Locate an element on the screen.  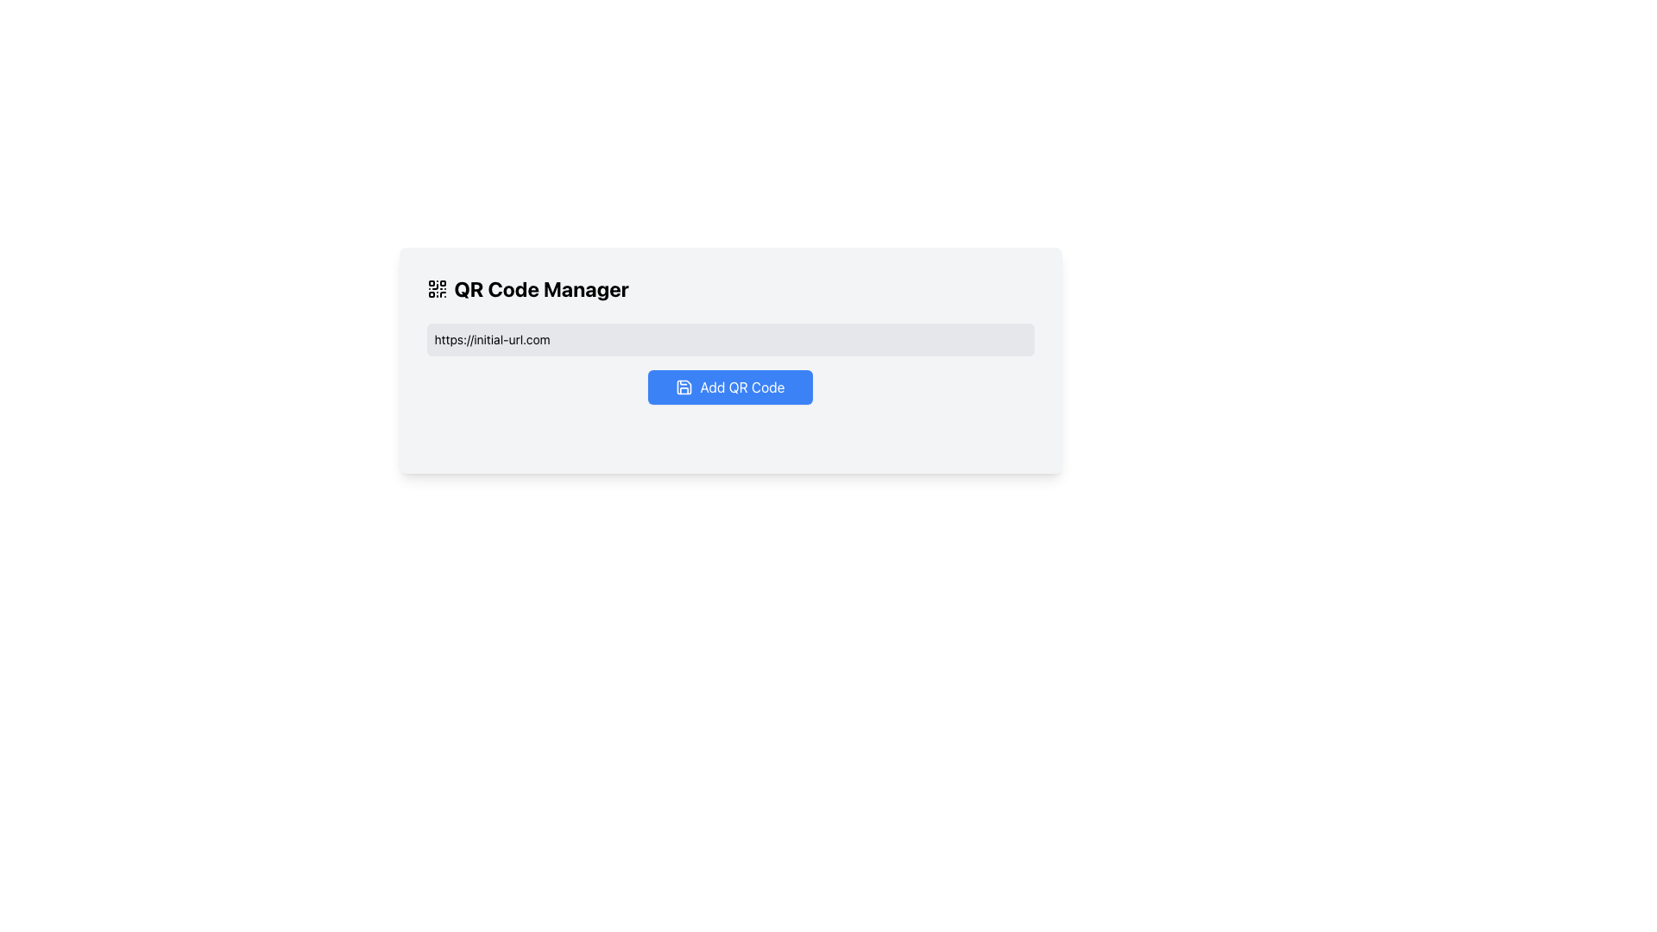
the Save icon within the blue 'Add QR Code' button to initiate the QR code saving action is located at coordinates (684, 386).